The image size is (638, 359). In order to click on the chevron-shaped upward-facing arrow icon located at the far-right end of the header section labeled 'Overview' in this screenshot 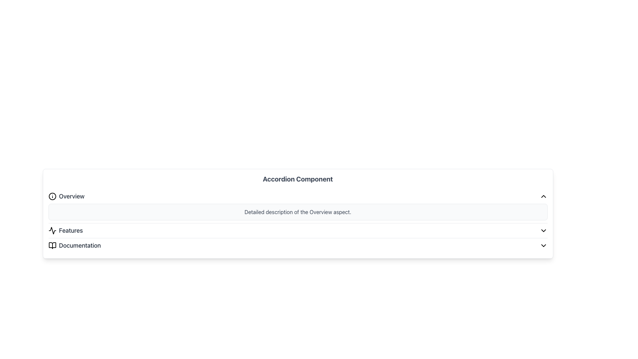, I will do `click(543, 196)`.